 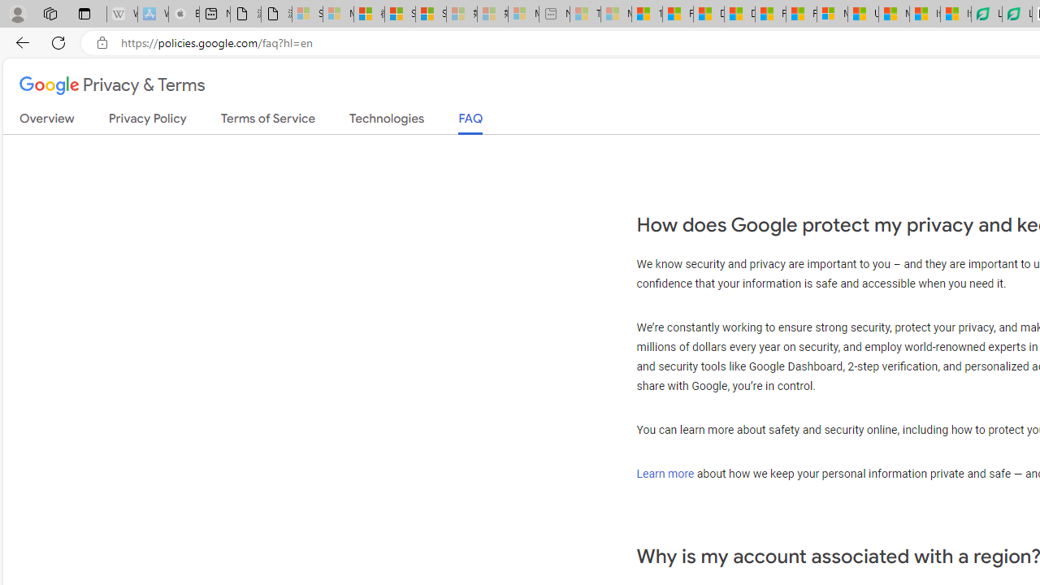 I want to click on 'Terms of Service', so click(x=268, y=121).